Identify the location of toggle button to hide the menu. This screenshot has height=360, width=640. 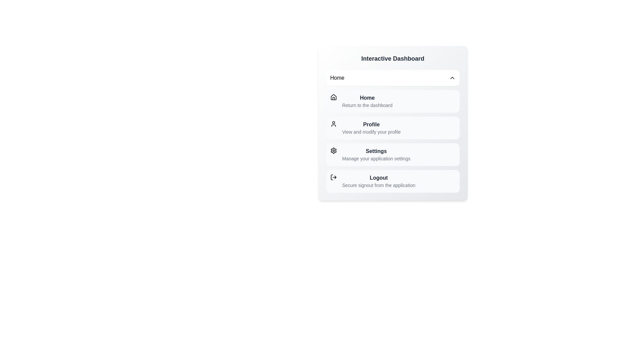
(393, 78).